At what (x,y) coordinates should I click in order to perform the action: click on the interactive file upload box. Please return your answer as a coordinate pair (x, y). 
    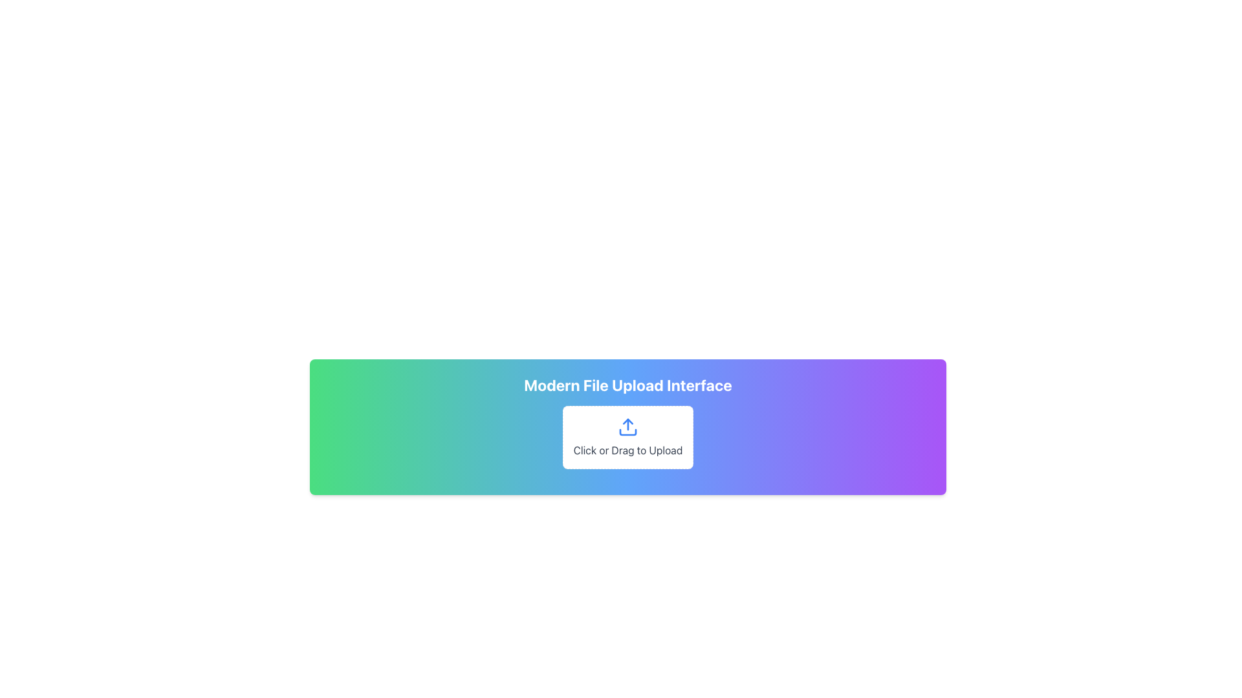
    Looking at the image, I should click on (627, 437).